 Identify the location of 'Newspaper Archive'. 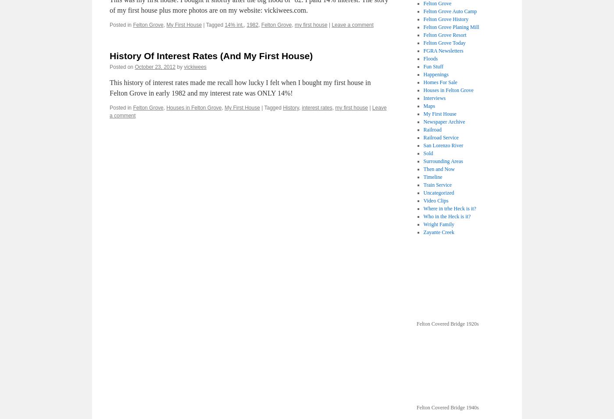
(444, 121).